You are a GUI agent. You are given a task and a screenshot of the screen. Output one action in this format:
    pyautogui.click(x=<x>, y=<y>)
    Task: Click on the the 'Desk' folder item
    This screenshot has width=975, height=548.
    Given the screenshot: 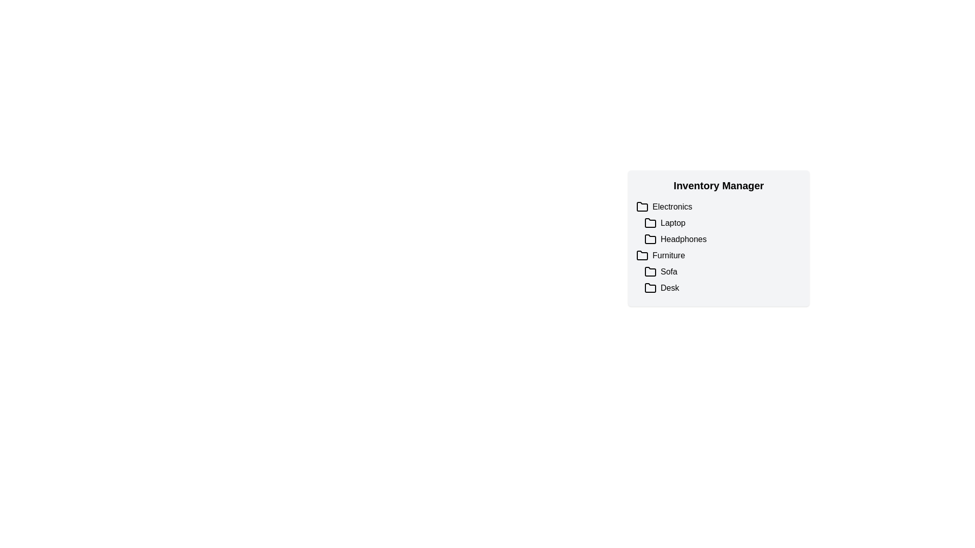 What is the action you would take?
    pyautogui.click(x=722, y=288)
    